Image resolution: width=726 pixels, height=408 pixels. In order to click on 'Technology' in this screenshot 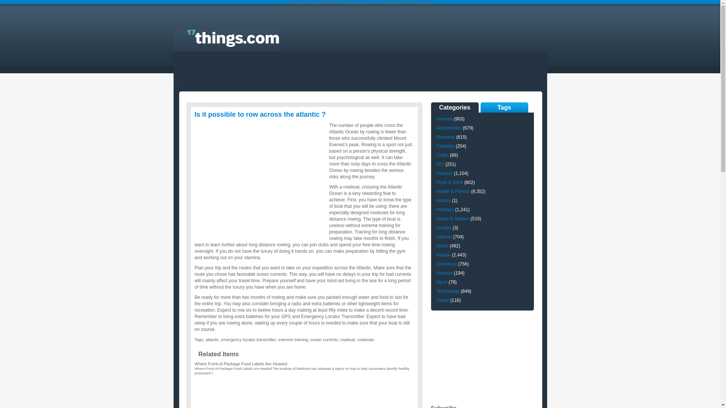, I will do `click(448, 291)`.